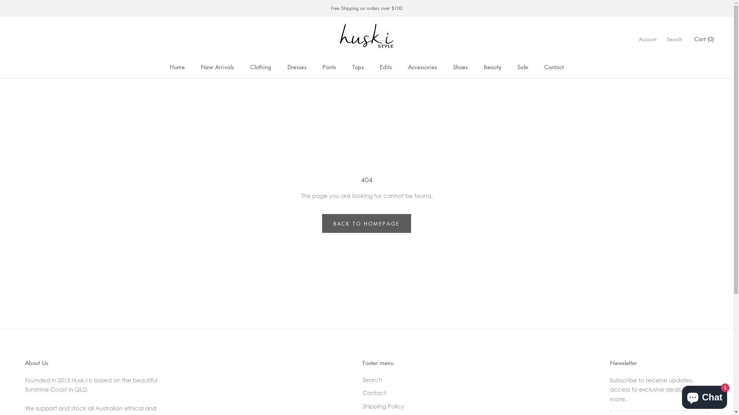 This screenshot has height=415, width=739. Describe the element at coordinates (357, 66) in the screenshot. I see `'Tops` at that location.